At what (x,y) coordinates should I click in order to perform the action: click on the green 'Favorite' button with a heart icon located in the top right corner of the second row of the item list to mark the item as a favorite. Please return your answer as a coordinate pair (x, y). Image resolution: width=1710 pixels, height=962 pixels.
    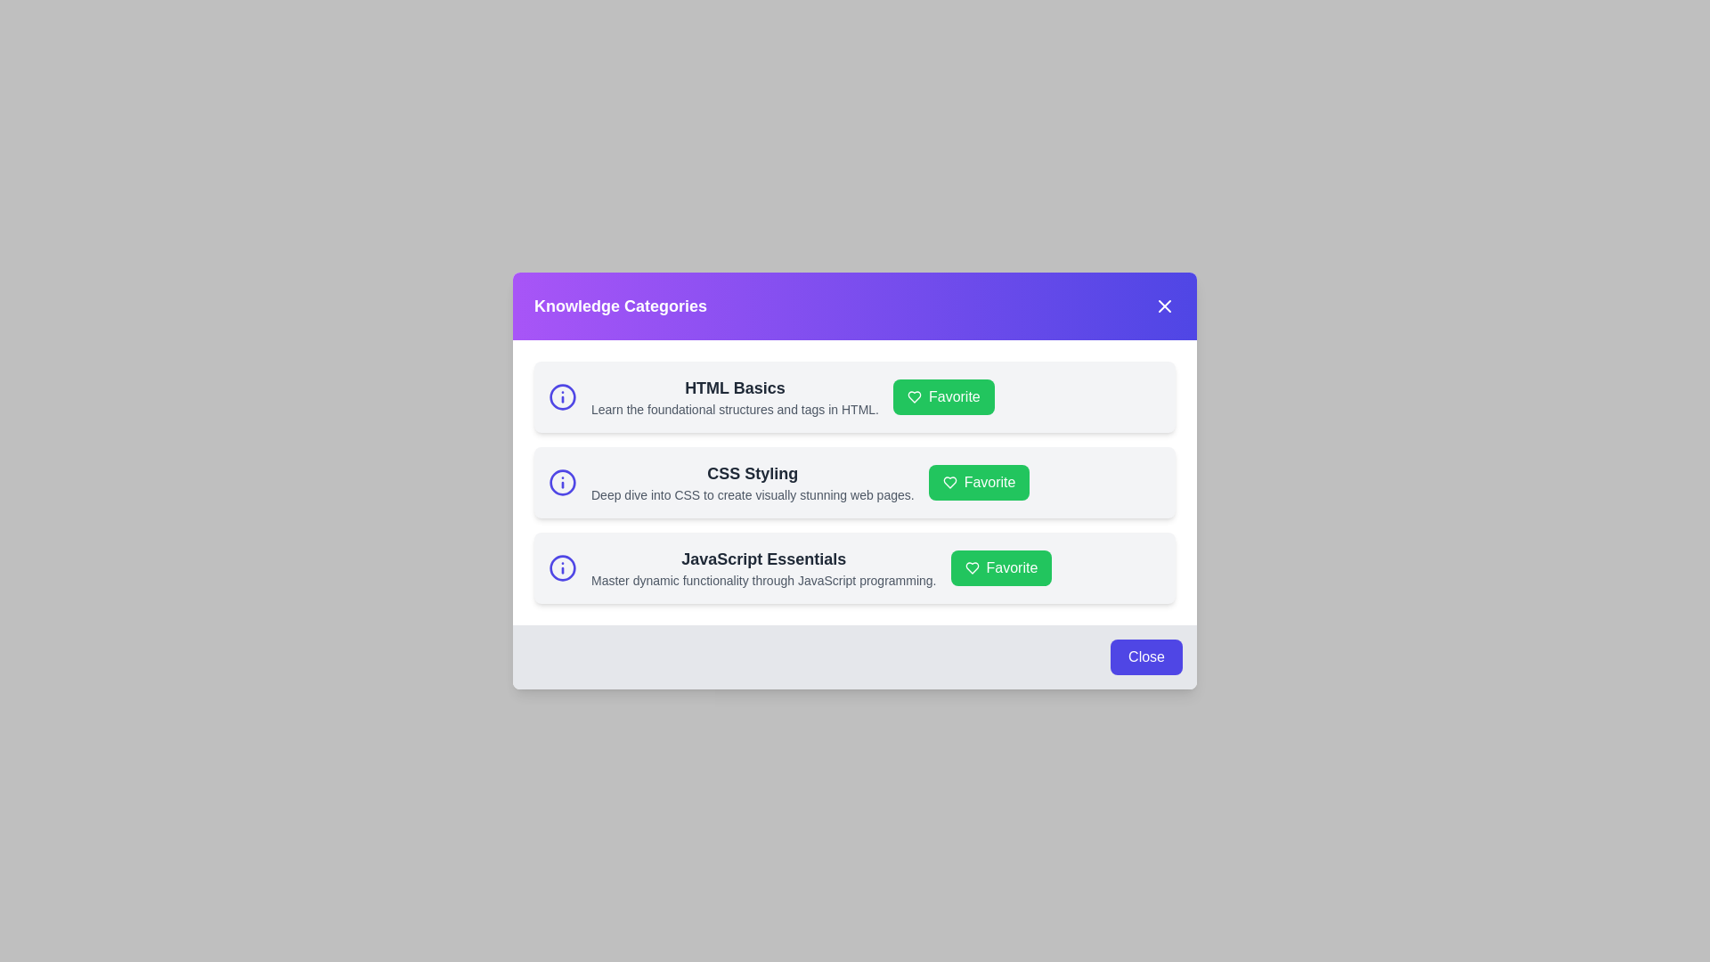
    Looking at the image, I should click on (978, 483).